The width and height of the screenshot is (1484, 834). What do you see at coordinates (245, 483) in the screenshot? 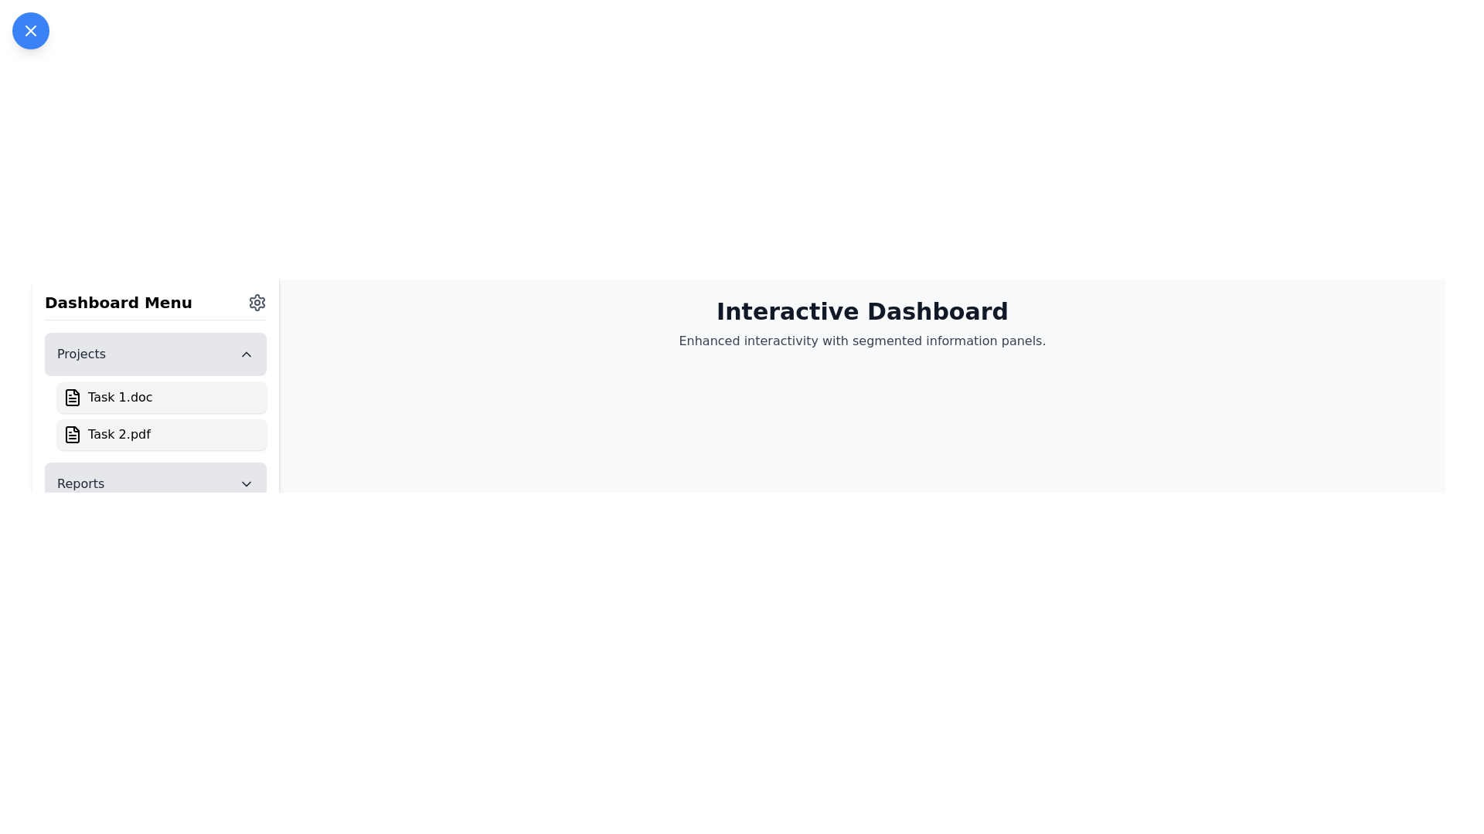
I see `the chevron dropdown indicator icon for the 'Reports' section in the left sidebar` at bounding box center [245, 483].